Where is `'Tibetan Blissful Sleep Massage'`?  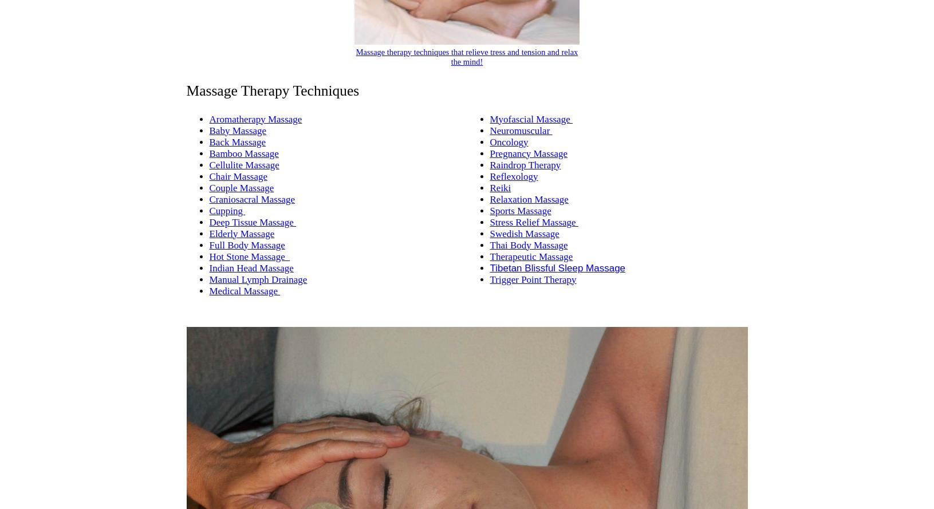 'Tibetan Blissful Sleep Massage' is located at coordinates (557, 267).